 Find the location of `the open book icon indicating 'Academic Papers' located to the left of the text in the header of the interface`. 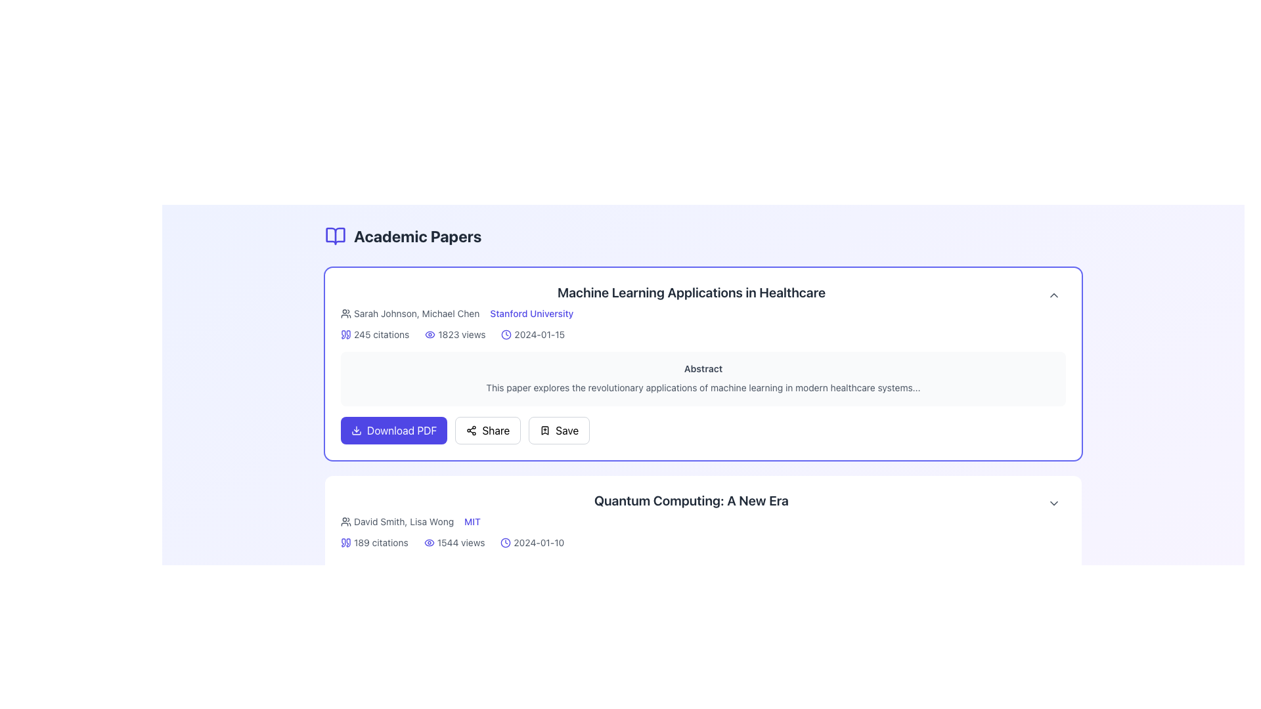

the open book icon indicating 'Academic Papers' located to the left of the text in the header of the interface is located at coordinates (335, 235).